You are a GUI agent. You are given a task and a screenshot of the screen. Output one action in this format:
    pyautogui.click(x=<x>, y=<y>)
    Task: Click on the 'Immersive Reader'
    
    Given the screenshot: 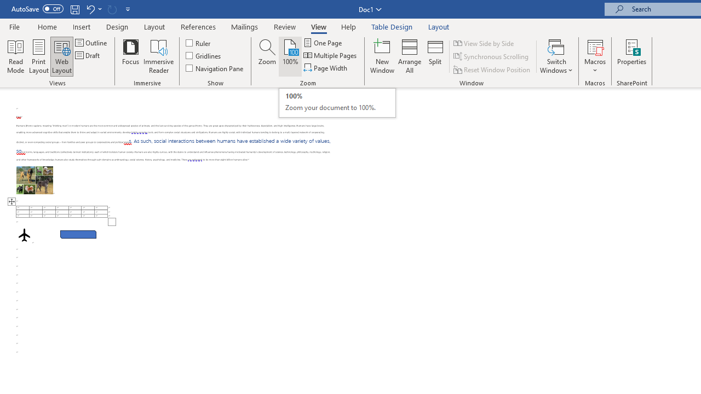 What is the action you would take?
    pyautogui.click(x=158, y=56)
    